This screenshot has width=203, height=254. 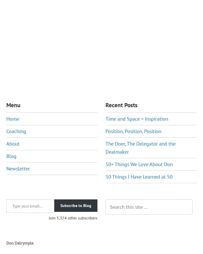 What do you see at coordinates (20, 243) in the screenshot?
I see `'Don Dalrymple'` at bounding box center [20, 243].